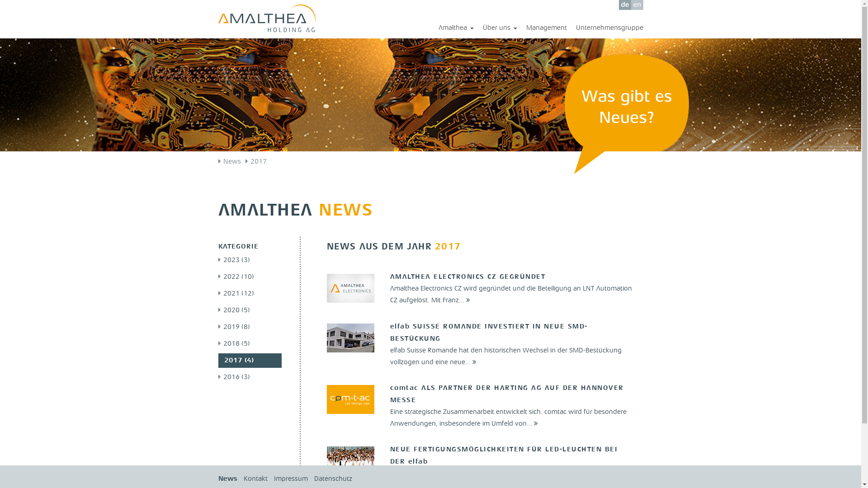  I want to click on 'Unternehmensgruppe', so click(605, 28).